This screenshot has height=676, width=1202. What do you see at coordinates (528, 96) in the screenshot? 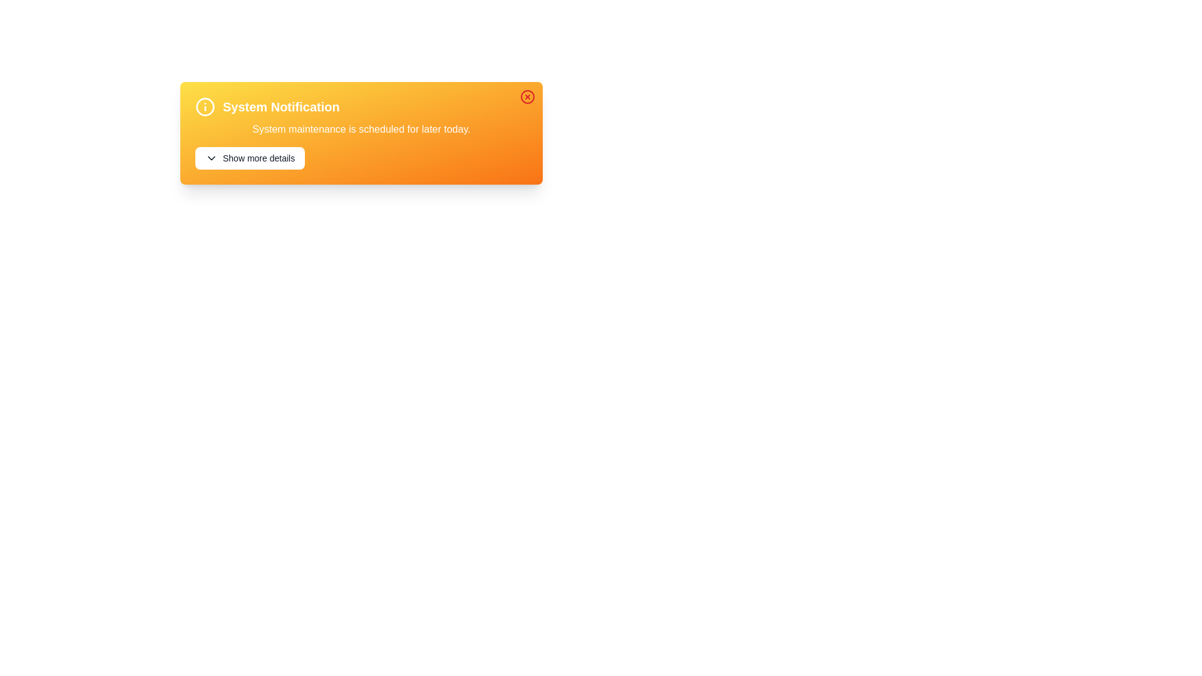
I see `the close button in the top-right corner of the notification` at bounding box center [528, 96].